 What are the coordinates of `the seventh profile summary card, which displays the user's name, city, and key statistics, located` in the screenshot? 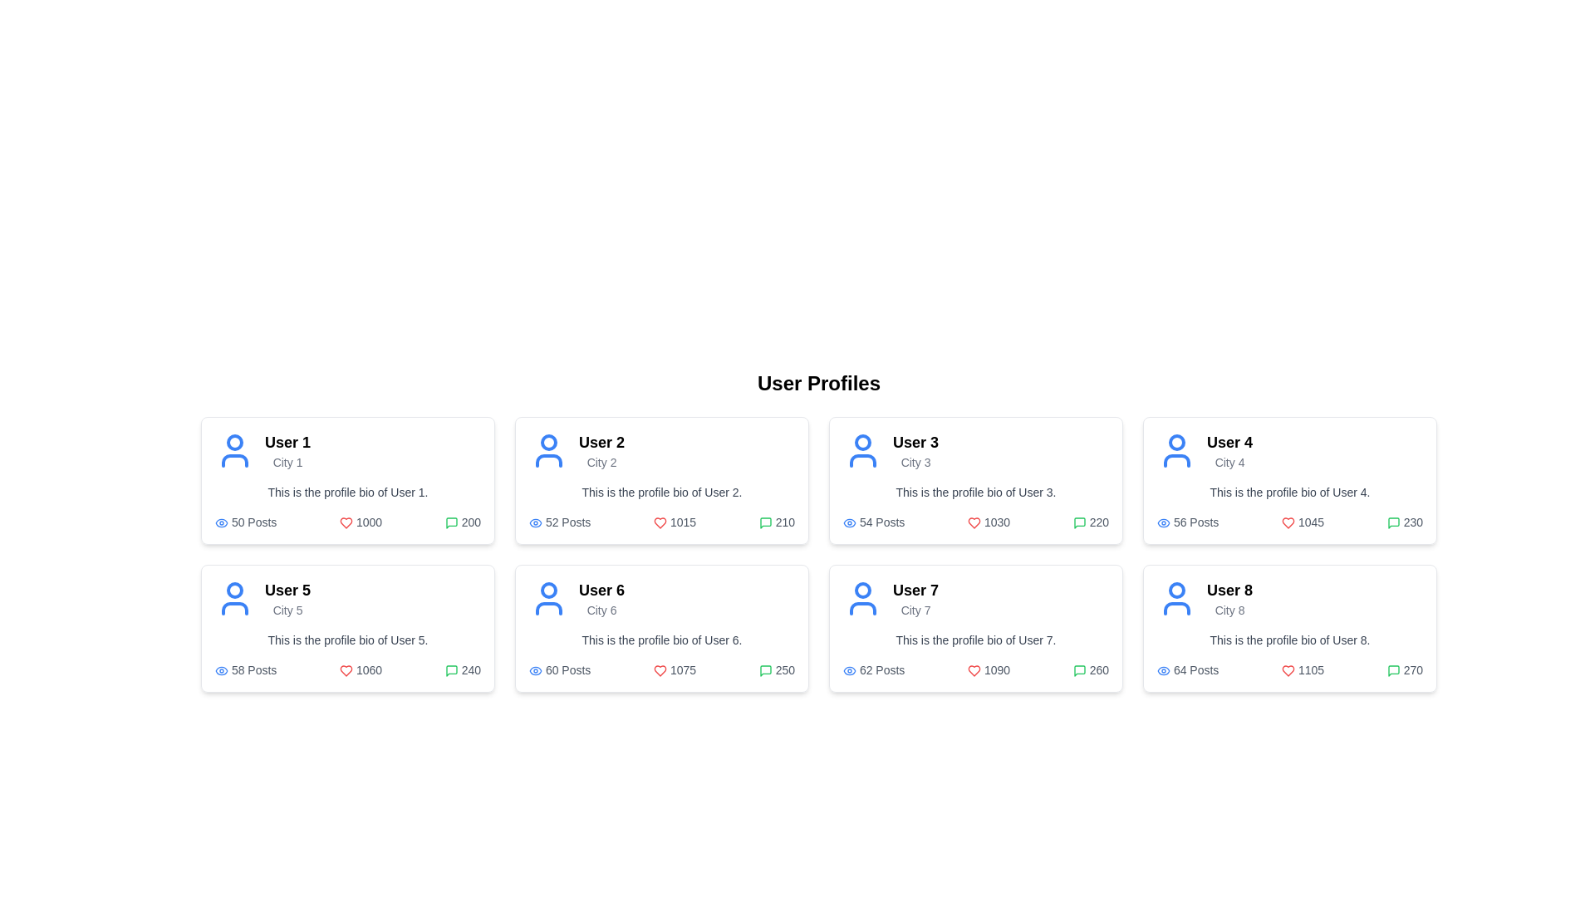 It's located at (976, 628).